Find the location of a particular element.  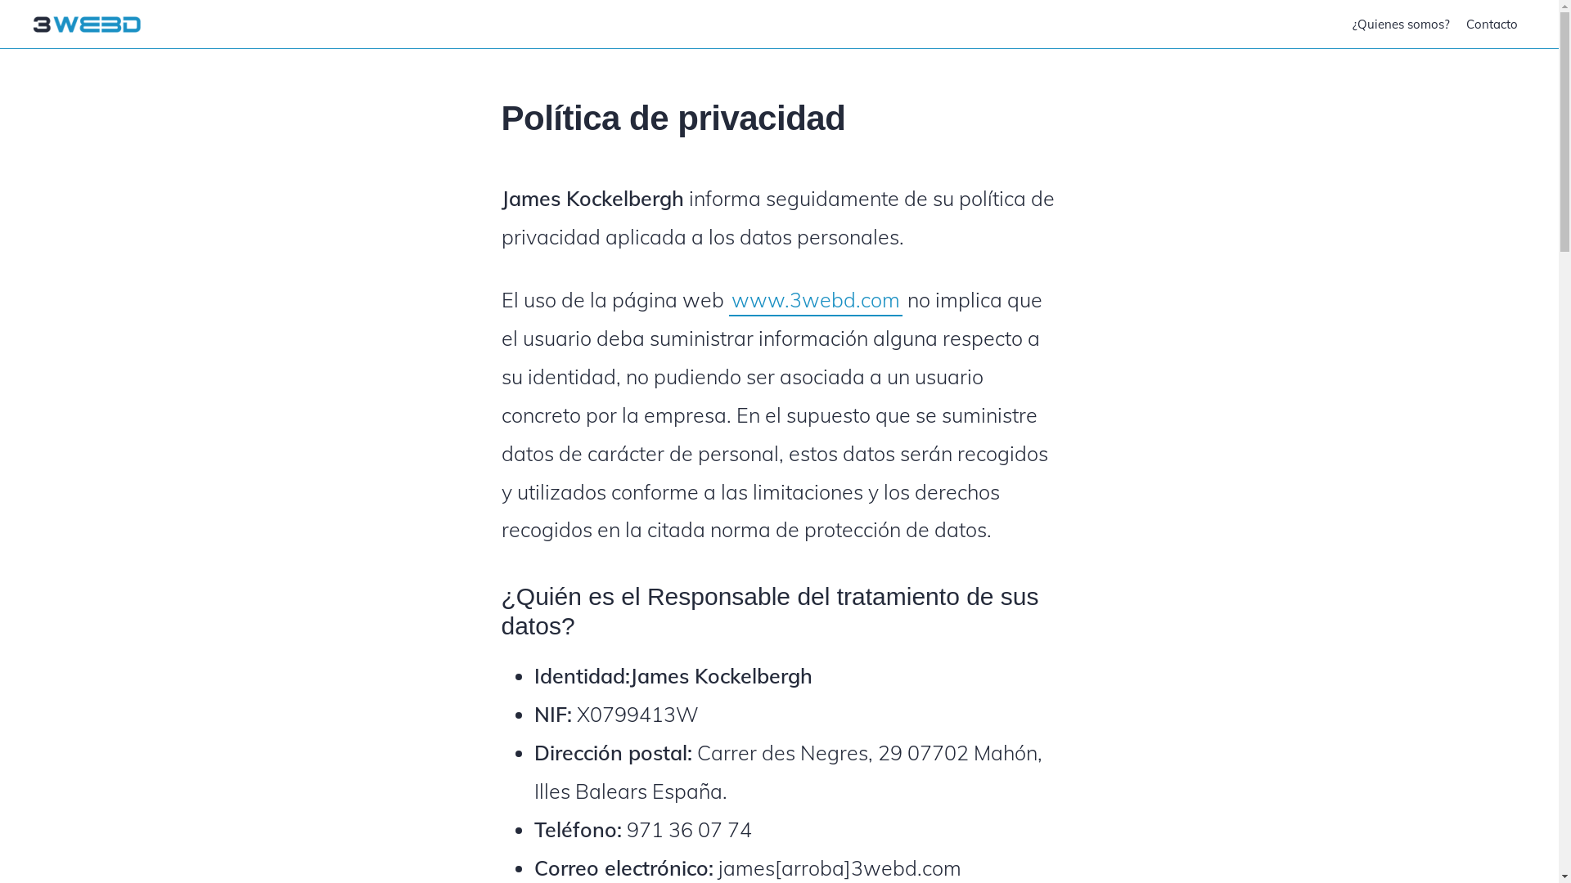

'Contacto' is located at coordinates (1492, 24).